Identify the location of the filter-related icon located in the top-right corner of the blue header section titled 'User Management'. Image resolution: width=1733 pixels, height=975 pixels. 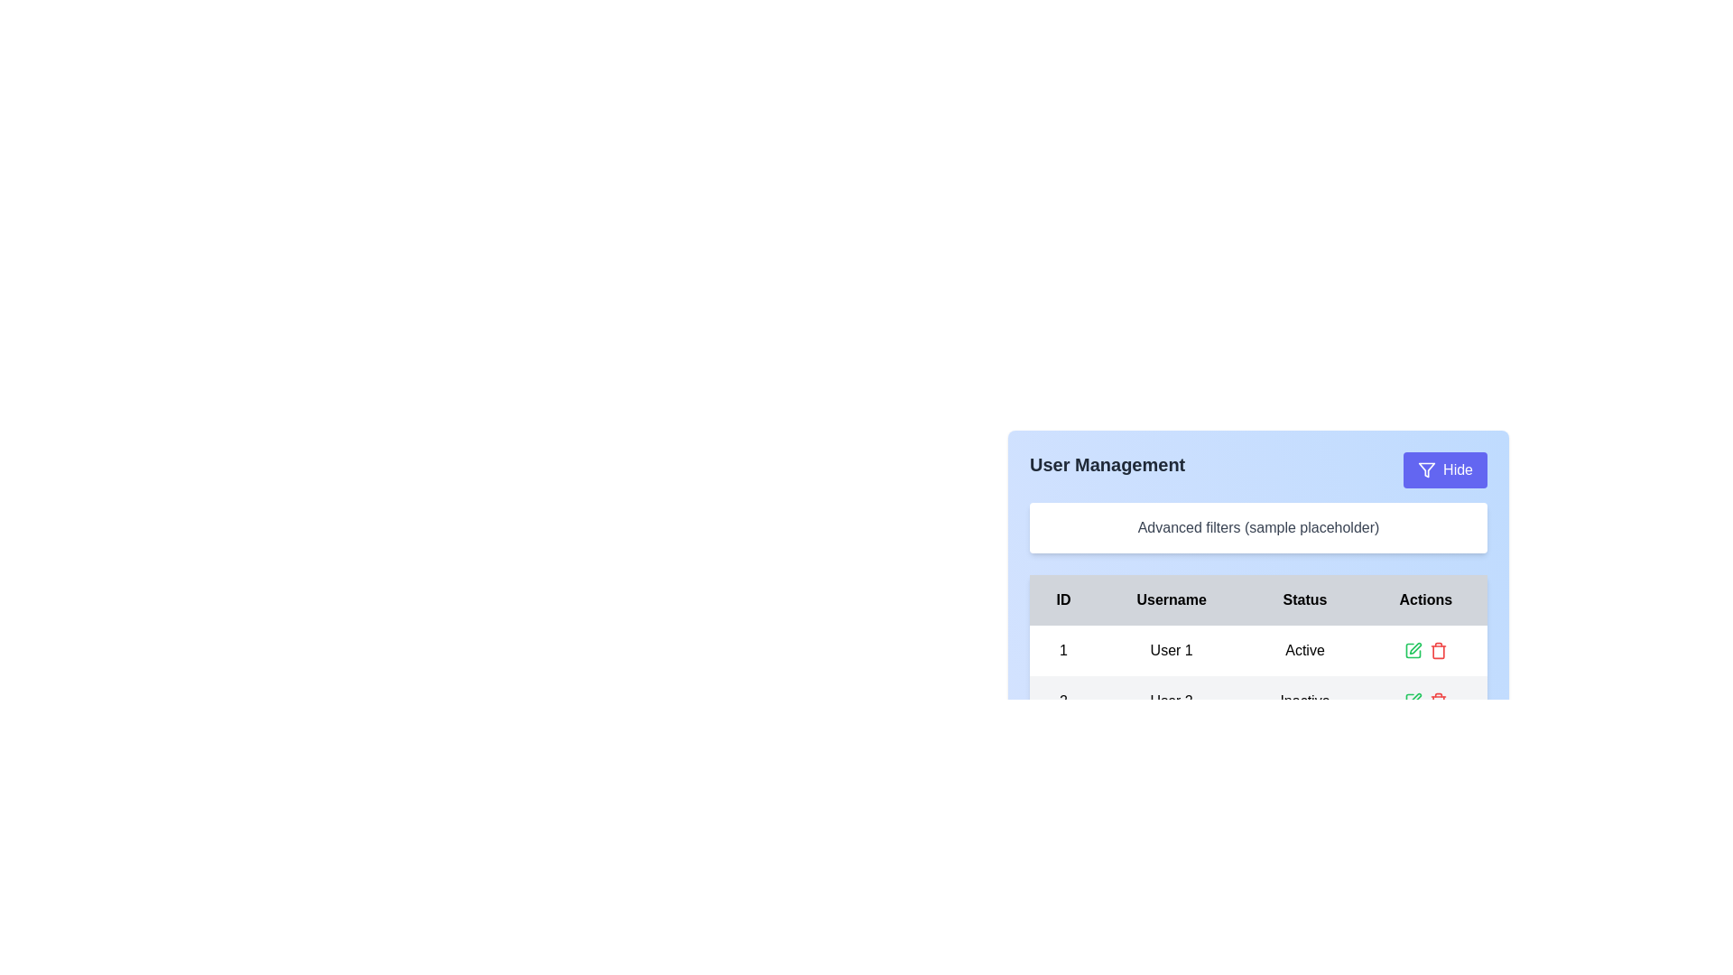
(1426, 469).